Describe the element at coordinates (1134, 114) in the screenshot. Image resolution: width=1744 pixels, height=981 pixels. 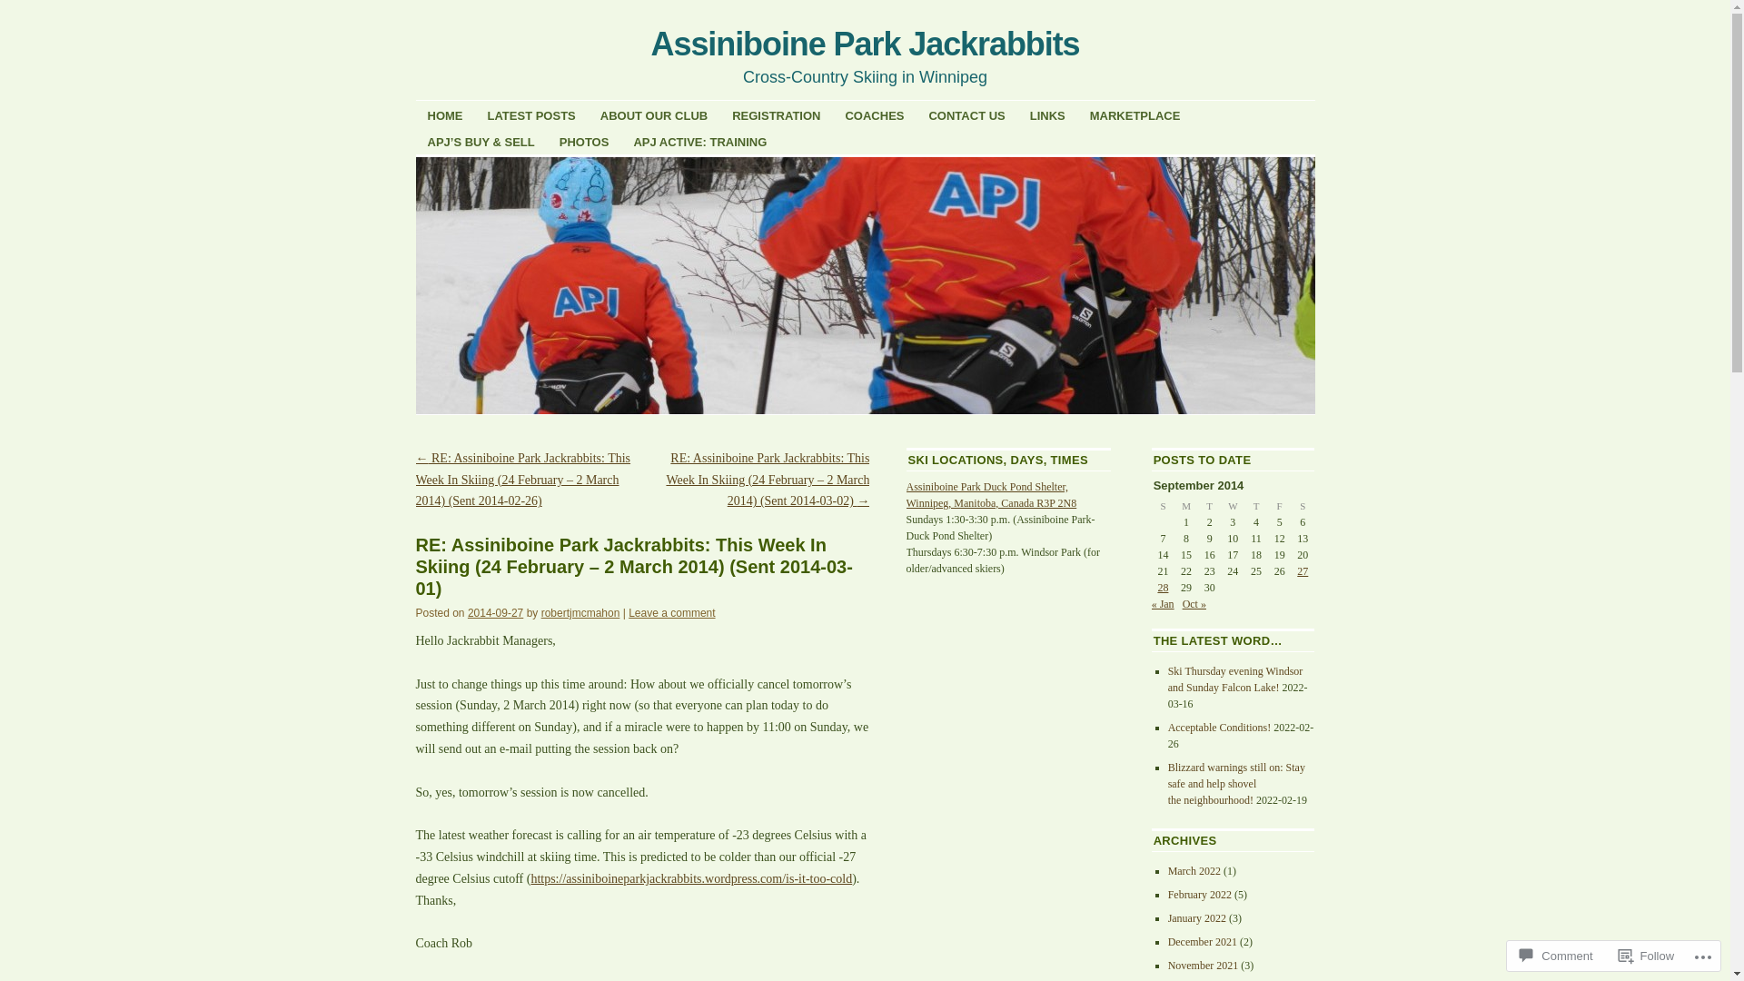
I see `'MARKETPLACE'` at that location.